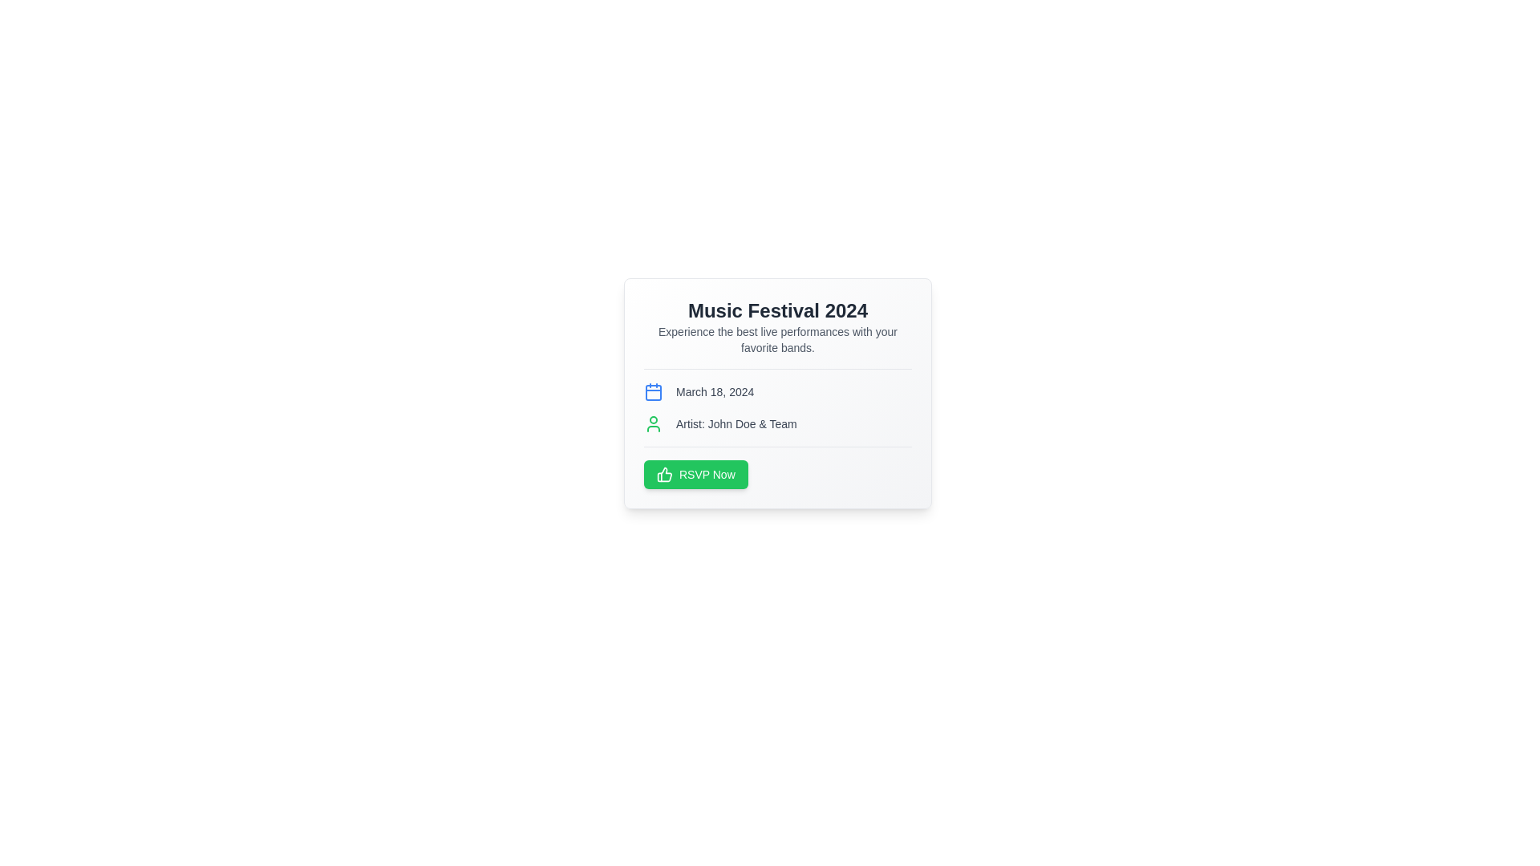 This screenshot has height=866, width=1540. What do you see at coordinates (777, 333) in the screenshot?
I see `the text section titled 'Music Festival 2024', which features a bold title and a descriptive line about live performances, positioned at the top of its group` at bounding box center [777, 333].